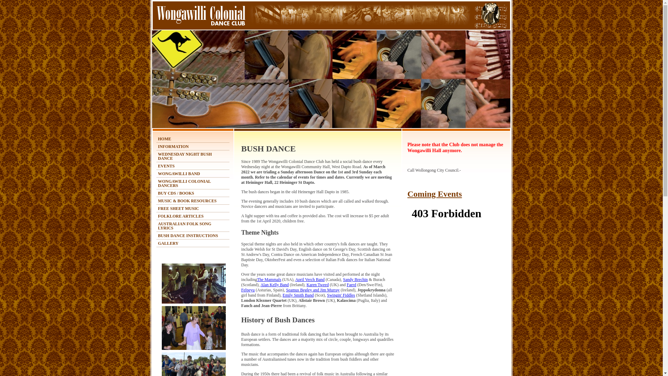 The image size is (668, 376). What do you see at coordinates (176, 193) in the screenshot?
I see `'BUY CDS / BOOKS'` at bounding box center [176, 193].